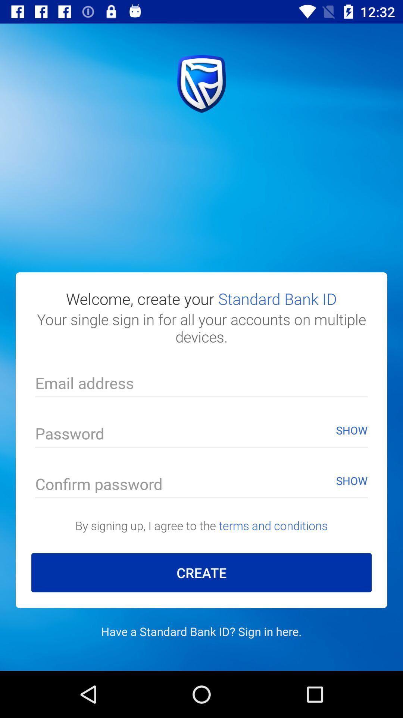 This screenshot has height=718, width=403. What do you see at coordinates (201, 525) in the screenshot?
I see `the by signing up item` at bounding box center [201, 525].